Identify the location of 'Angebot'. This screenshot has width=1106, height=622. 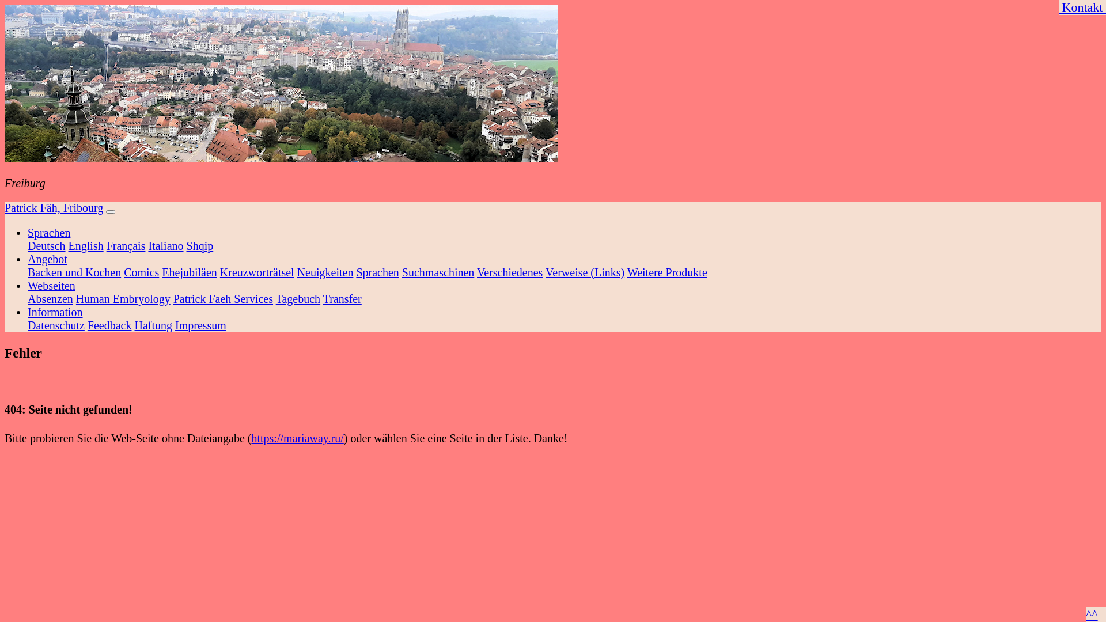
(47, 259).